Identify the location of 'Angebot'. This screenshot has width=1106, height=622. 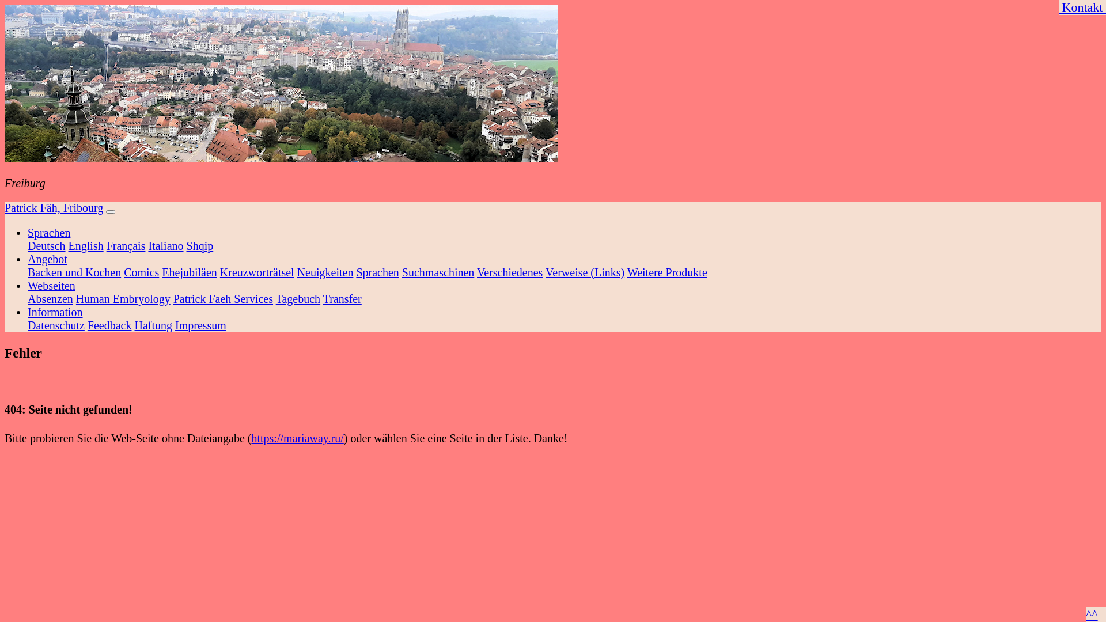
(47, 259).